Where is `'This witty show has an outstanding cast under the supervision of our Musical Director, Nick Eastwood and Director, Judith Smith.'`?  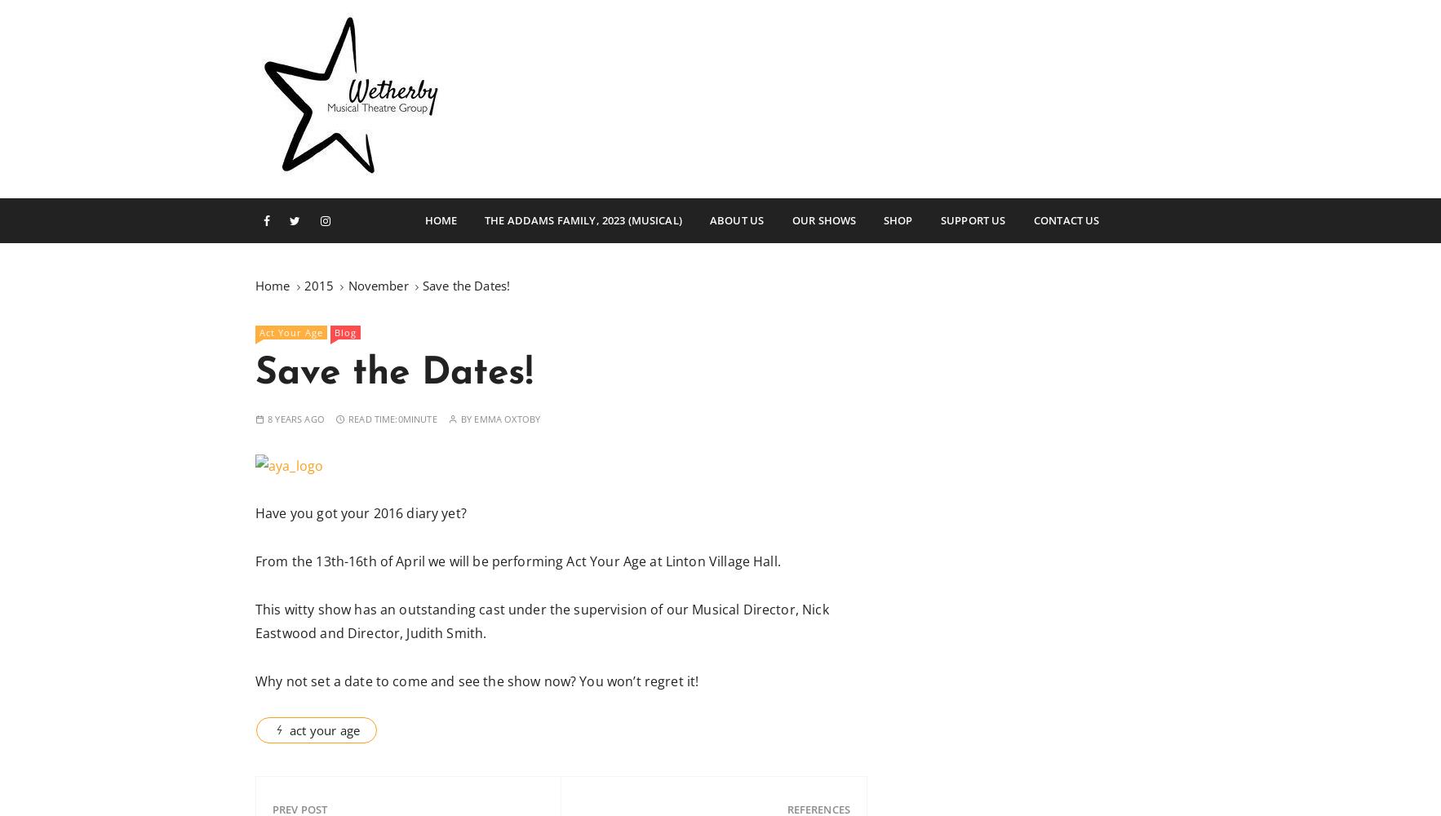 'This witty show has an outstanding cast under the supervision of our Musical Director, Nick Eastwood and Director, Judith Smith.' is located at coordinates (542, 621).